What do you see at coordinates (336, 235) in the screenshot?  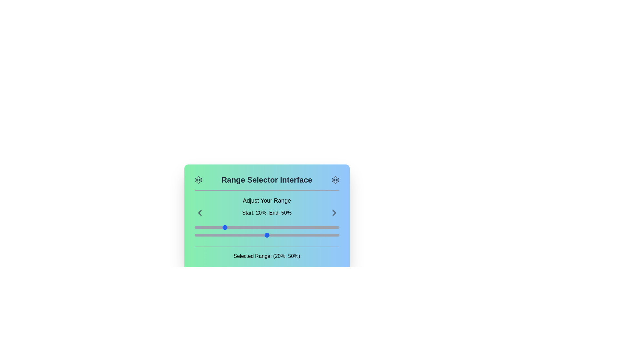 I see `the slider value` at bounding box center [336, 235].